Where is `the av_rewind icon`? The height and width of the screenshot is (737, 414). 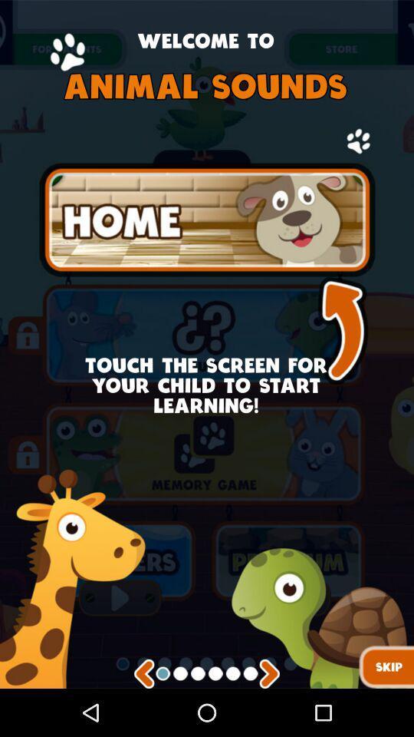 the av_rewind icon is located at coordinates (144, 721).